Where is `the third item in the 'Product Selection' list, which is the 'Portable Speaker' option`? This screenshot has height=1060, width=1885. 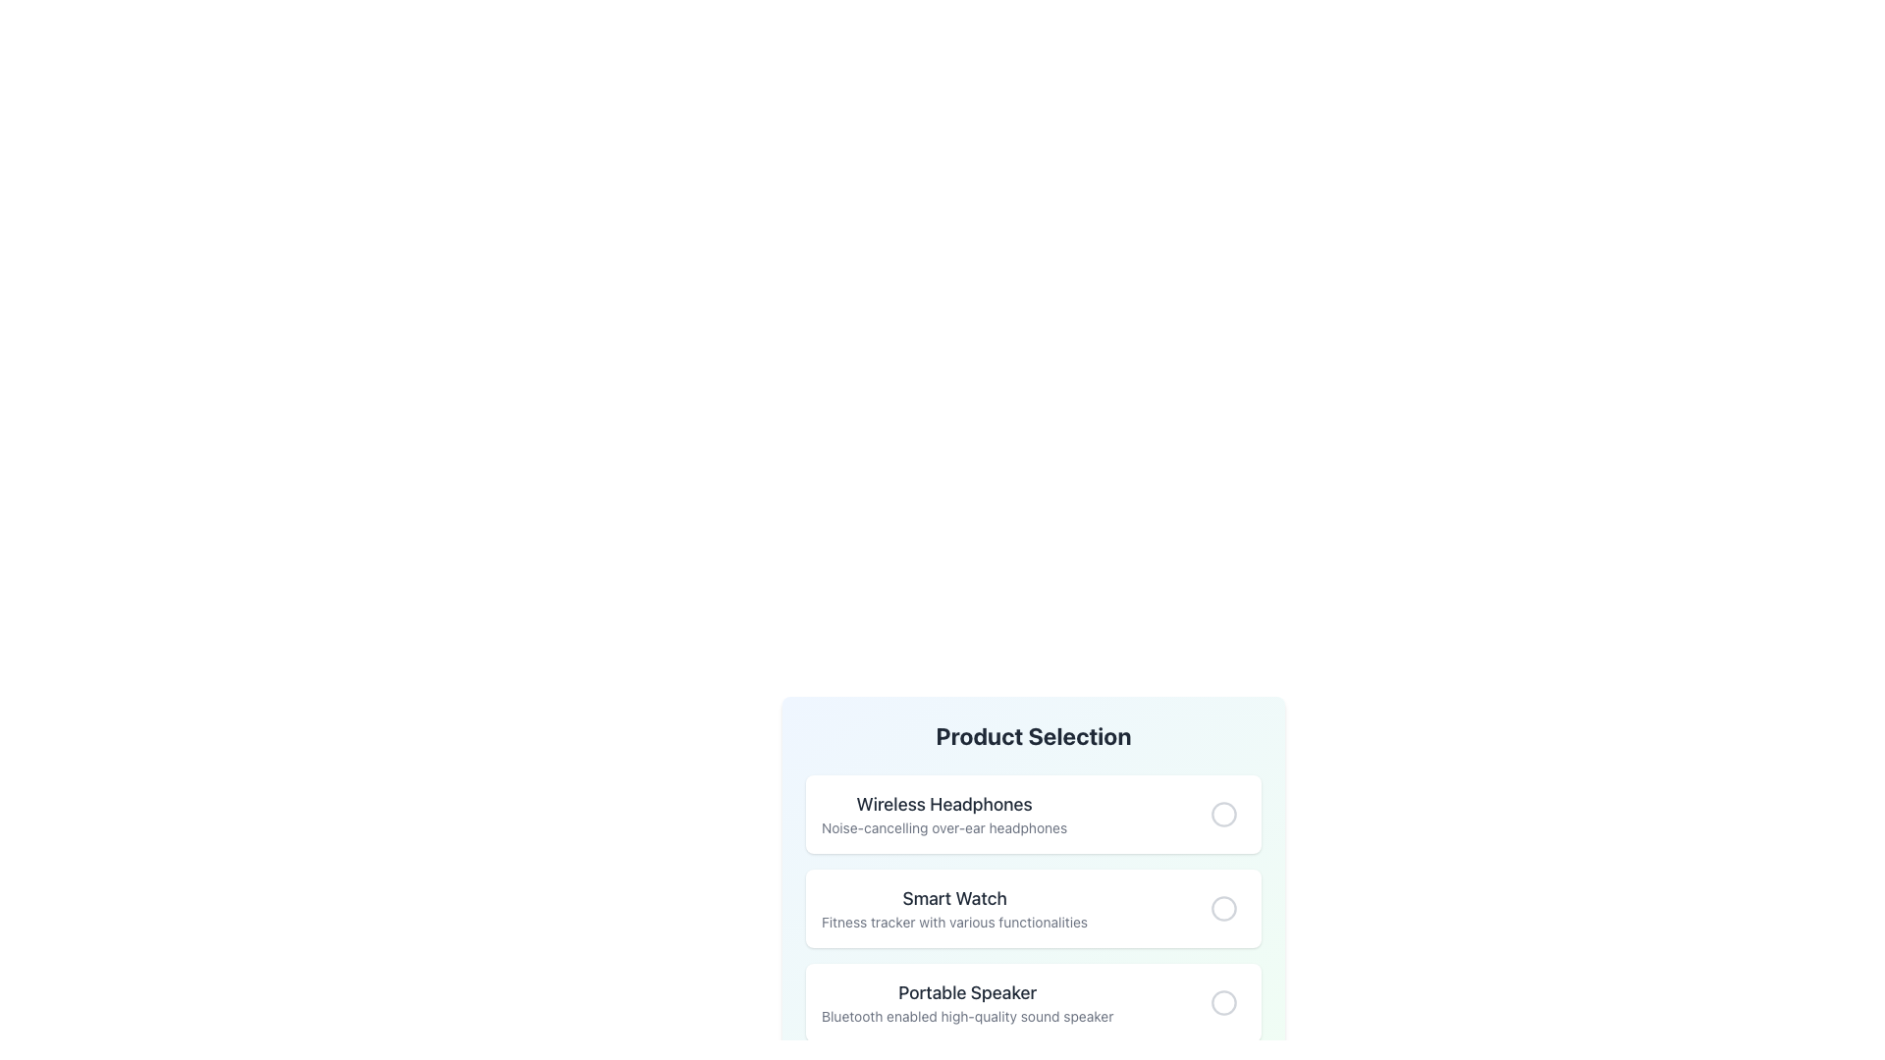
the third item in the 'Product Selection' list, which is the 'Portable Speaker' option is located at coordinates (1032, 1003).